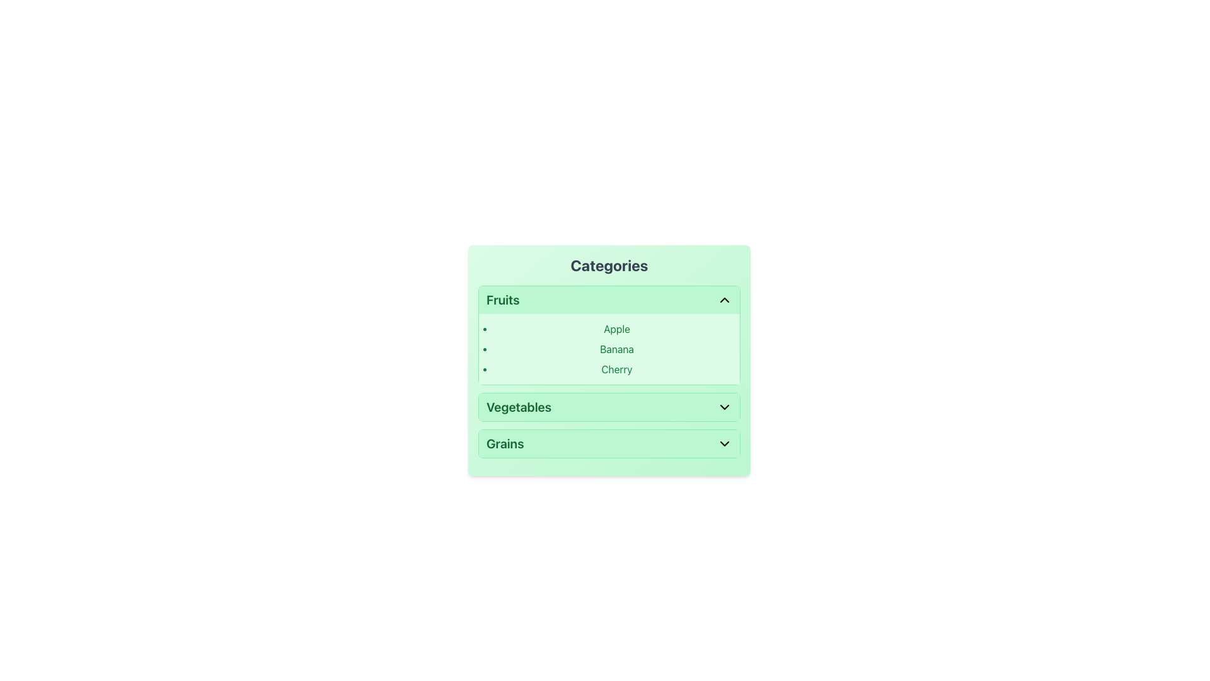 The height and width of the screenshot is (681, 1210). What do you see at coordinates (617, 369) in the screenshot?
I see `the 'Cherry' text label in the 'Fruits' category, which is the third item in a bulleted list below 'Apple' and 'Banana'` at bounding box center [617, 369].